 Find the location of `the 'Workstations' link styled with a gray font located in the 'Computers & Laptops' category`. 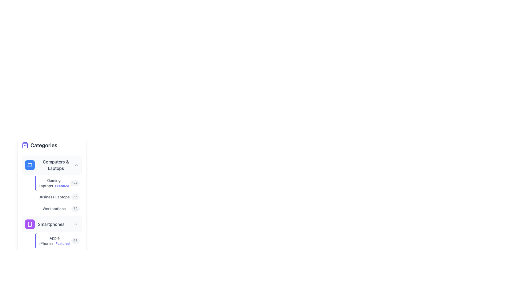

the 'Workstations' link styled with a gray font located in the 'Computers & Laptops' category is located at coordinates (54, 209).